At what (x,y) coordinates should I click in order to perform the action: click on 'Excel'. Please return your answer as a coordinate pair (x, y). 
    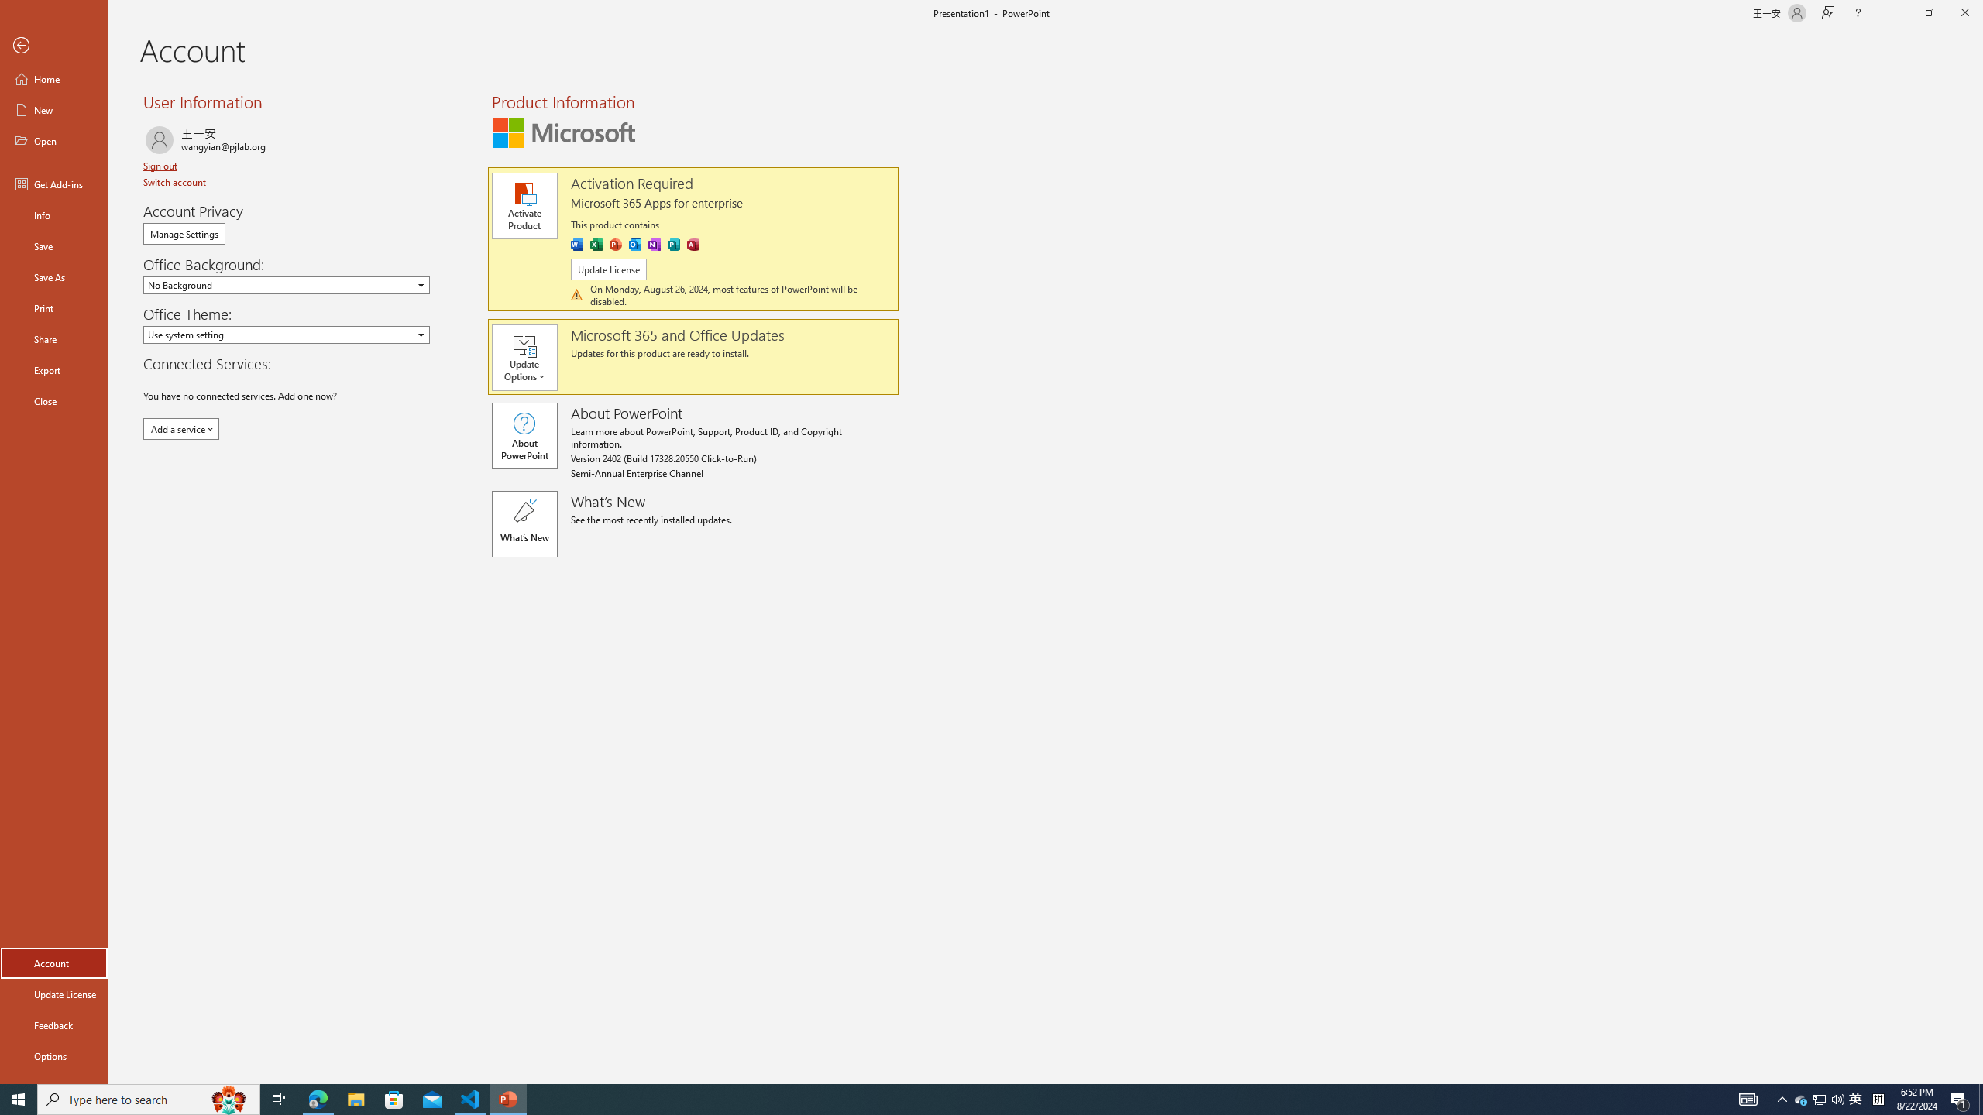
    Looking at the image, I should click on (596, 244).